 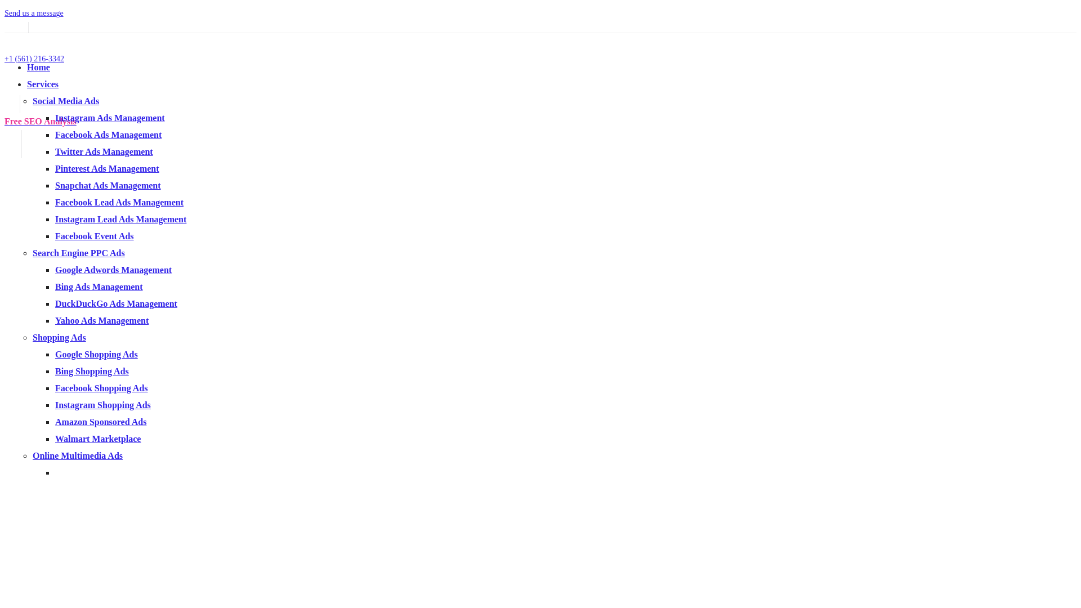 What do you see at coordinates (41, 121) in the screenshot?
I see `'Free SEO Analysis'` at bounding box center [41, 121].